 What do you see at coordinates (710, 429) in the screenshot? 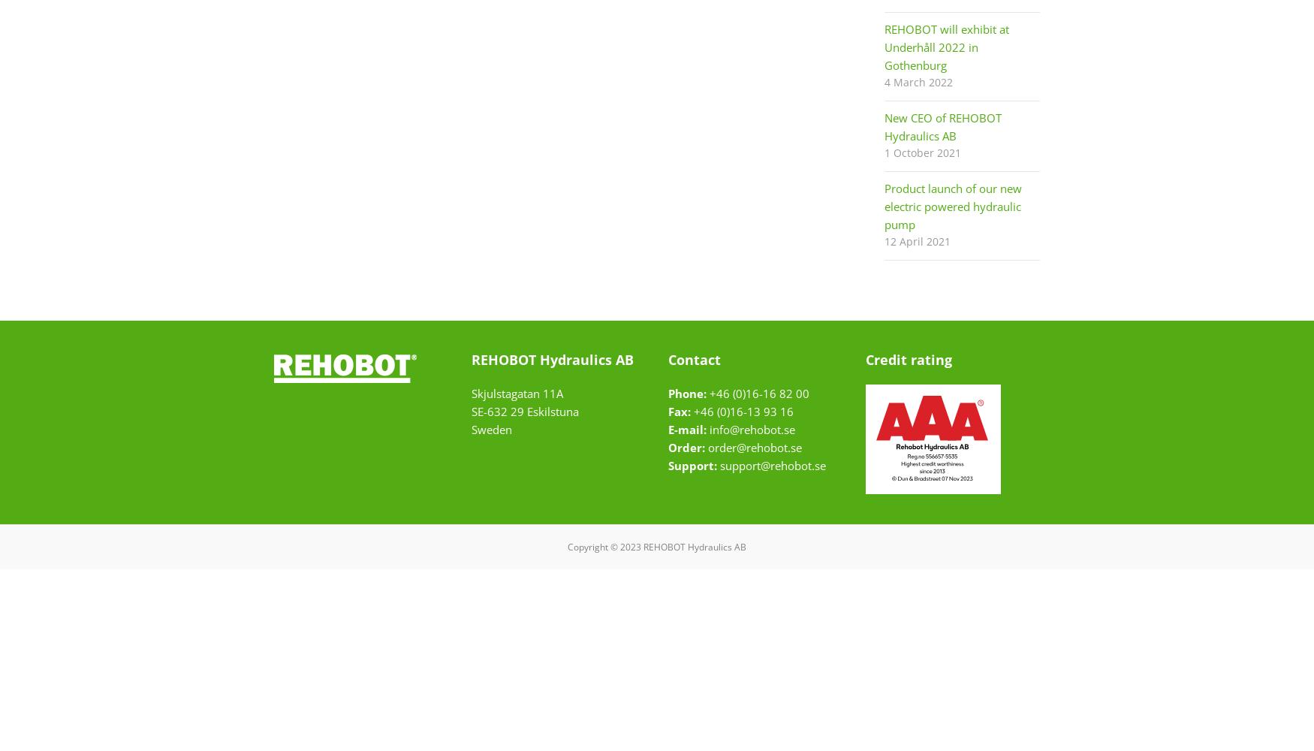
I see `'info@rehobot.se'` at bounding box center [710, 429].